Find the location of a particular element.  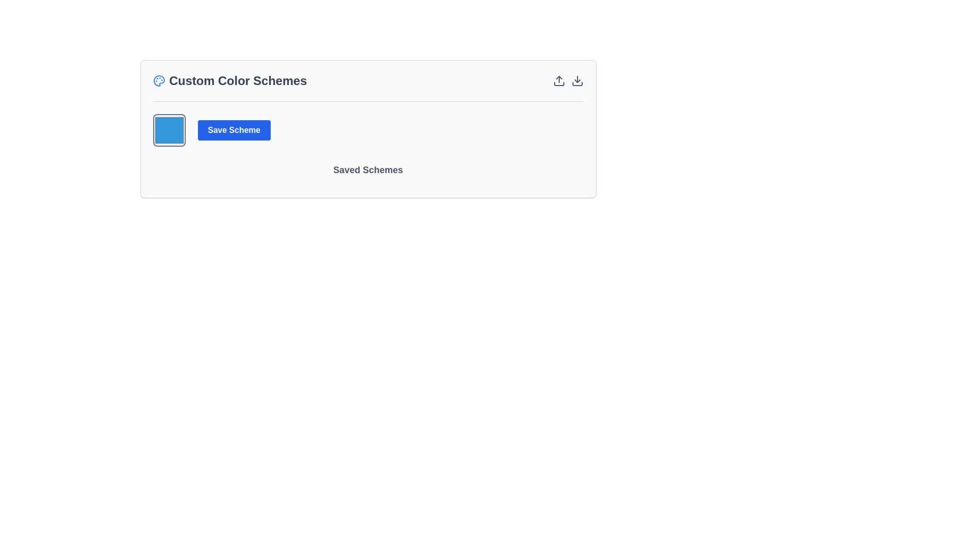

the bright blue color block with rounded corners is located at coordinates (169, 129).